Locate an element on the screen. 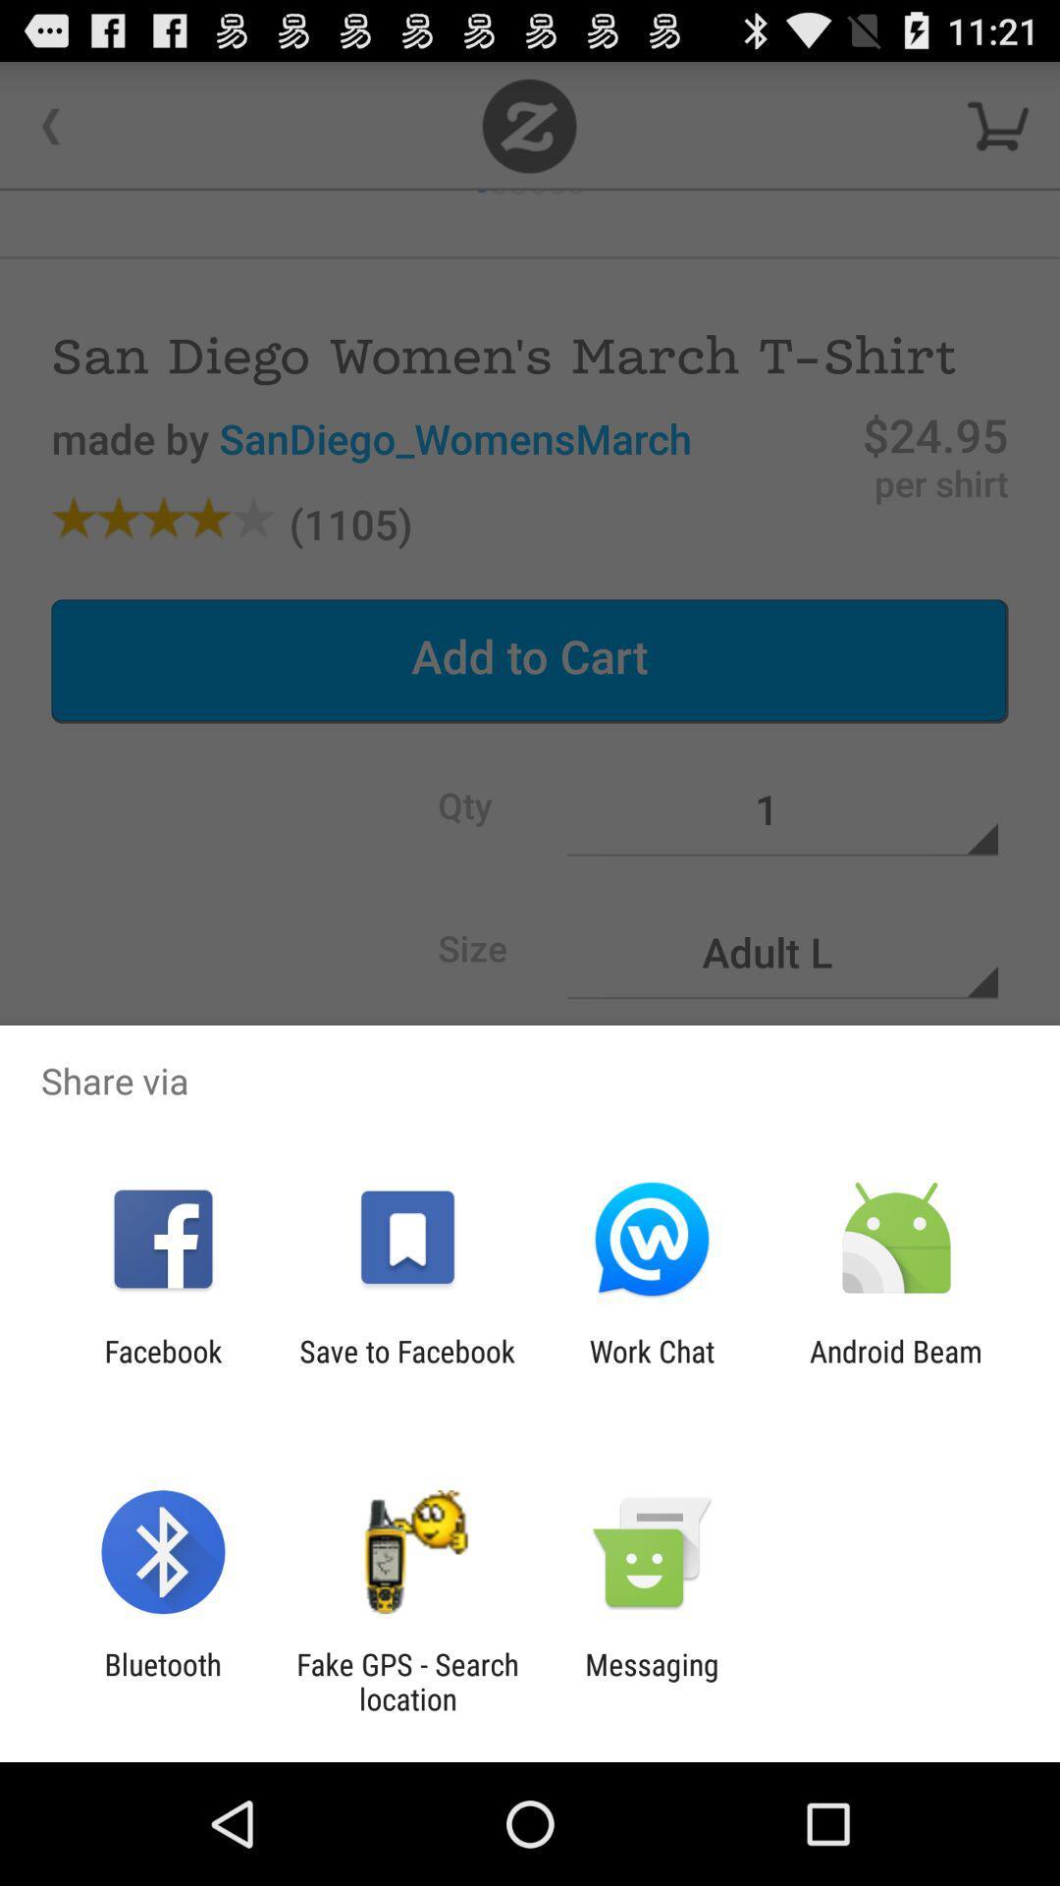  the icon to the left of fake gps search item is located at coordinates (162, 1681).